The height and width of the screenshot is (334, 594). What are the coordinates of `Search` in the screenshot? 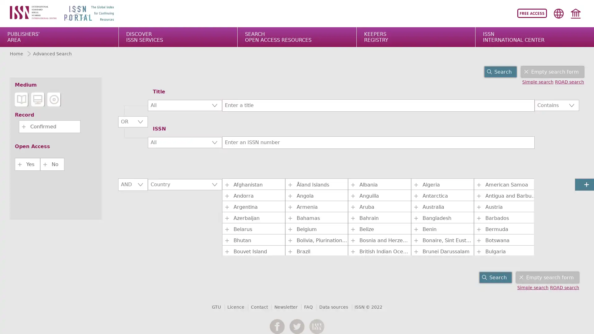 It's located at (496, 277).